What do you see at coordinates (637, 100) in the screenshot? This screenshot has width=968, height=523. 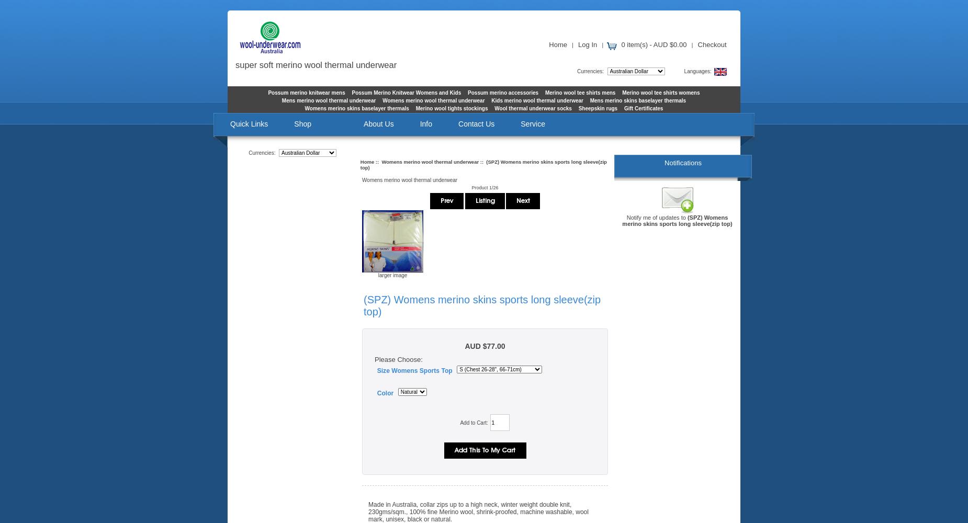 I see `'Mens merino skins baselayer thermals'` at bounding box center [637, 100].